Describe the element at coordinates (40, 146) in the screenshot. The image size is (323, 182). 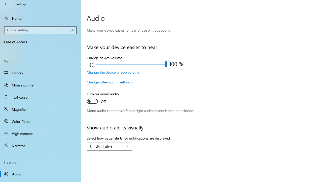
I see `'Narrator'` at that location.